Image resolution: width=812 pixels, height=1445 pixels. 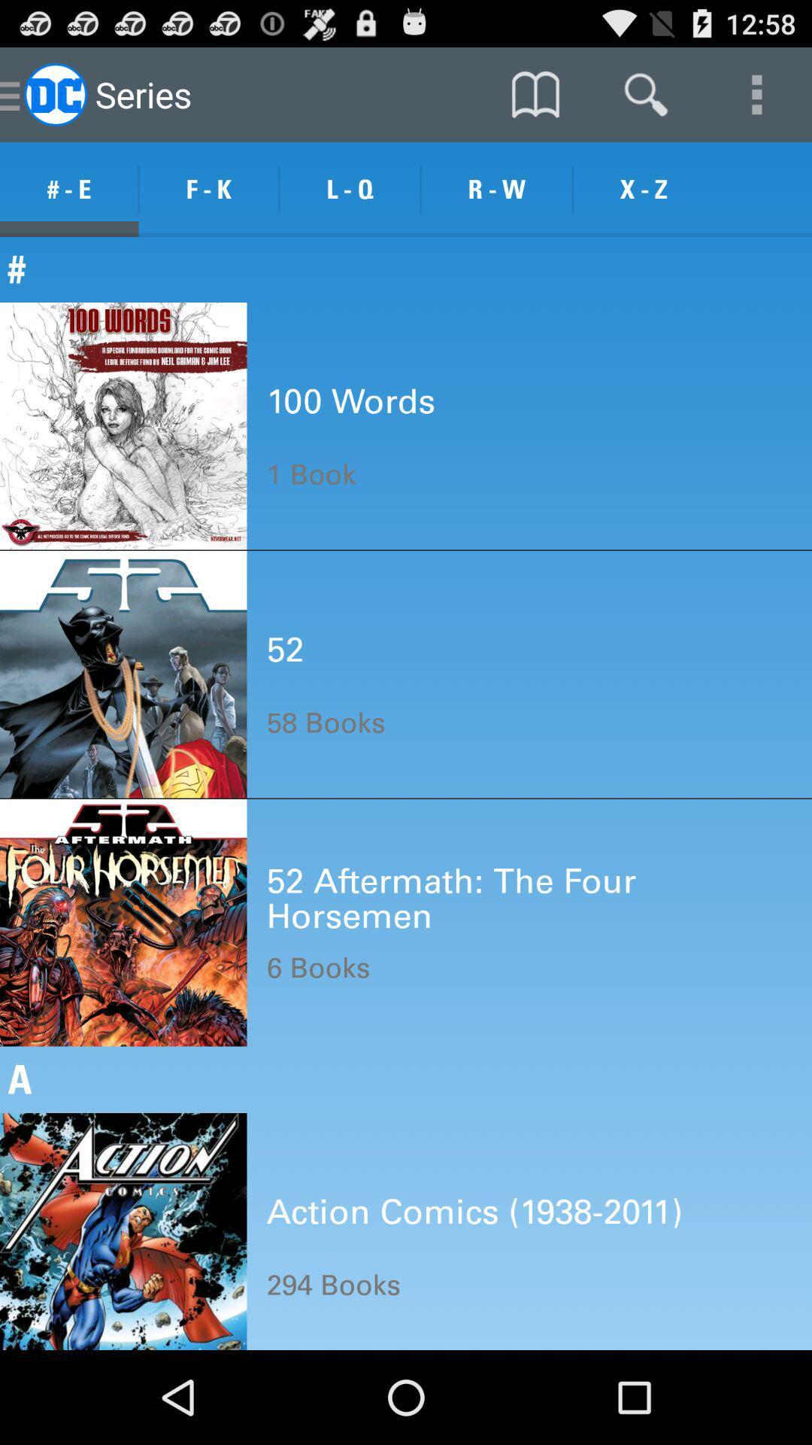 What do you see at coordinates (208, 189) in the screenshot?
I see `item next to the # - e item` at bounding box center [208, 189].